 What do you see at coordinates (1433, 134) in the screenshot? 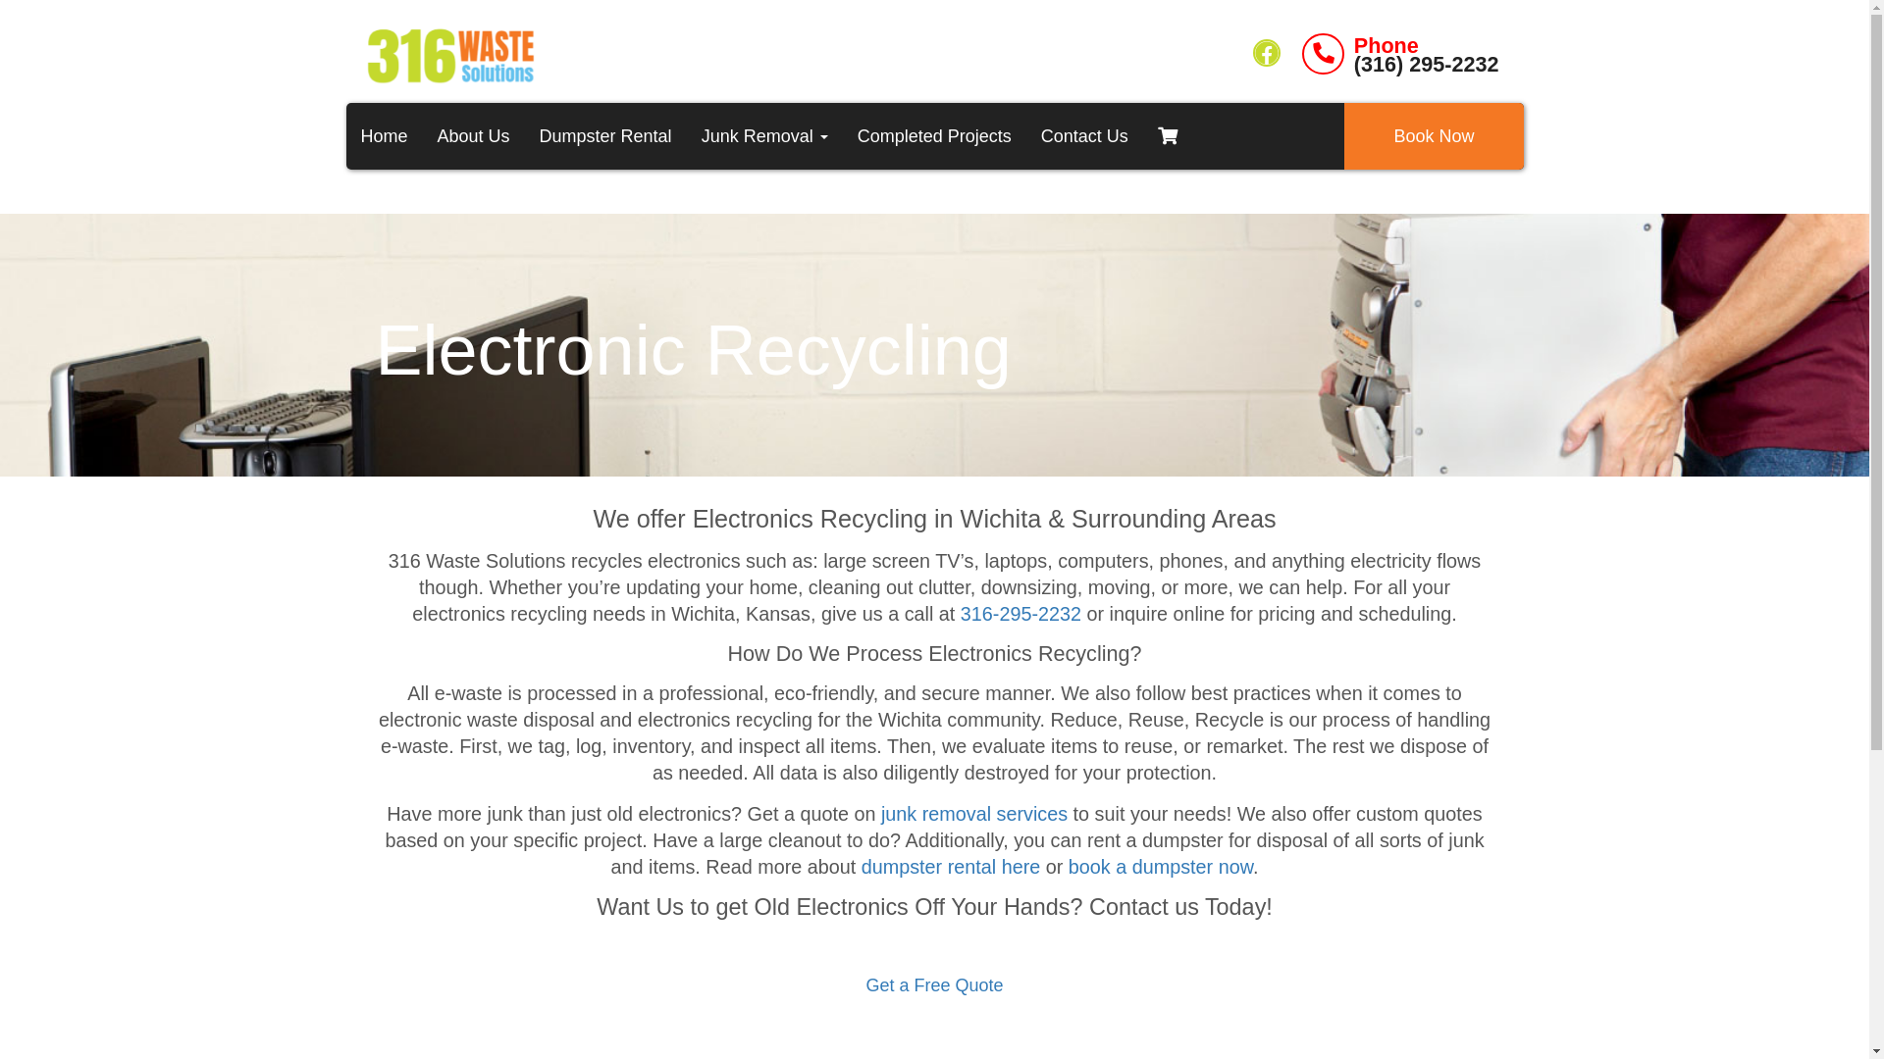
I see `'Book Now'` at bounding box center [1433, 134].